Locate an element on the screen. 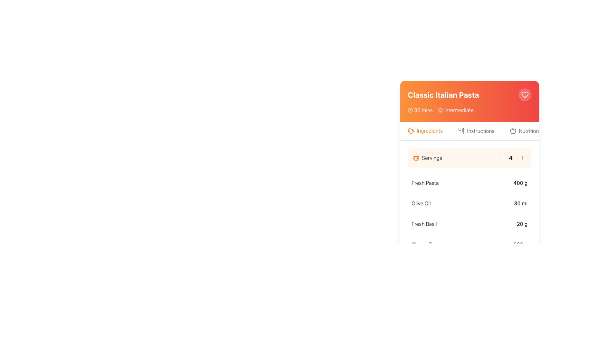 Image resolution: width=615 pixels, height=346 pixels. the SVG representation of a clock icon, which visually indicates the cooking duration next to the text '30 mins' is located at coordinates (410, 110).